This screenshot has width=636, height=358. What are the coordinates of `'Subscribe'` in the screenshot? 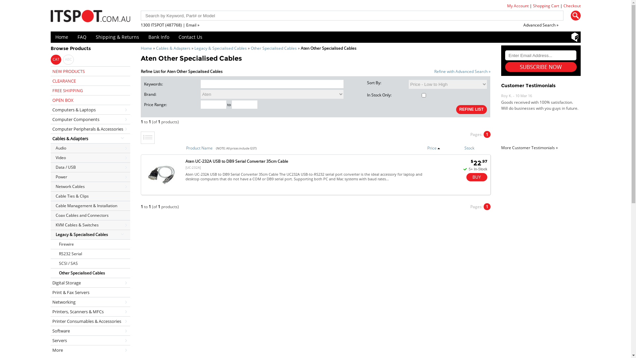 It's located at (541, 67).